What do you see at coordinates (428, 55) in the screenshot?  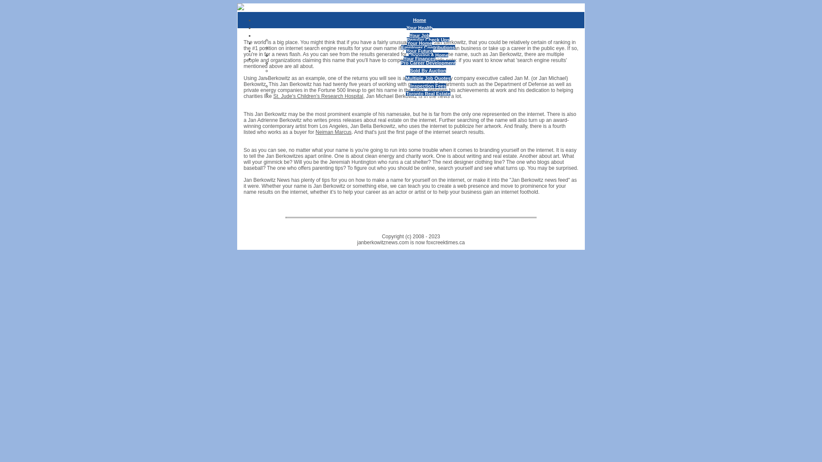 I see `'Choosing A Home'` at bounding box center [428, 55].